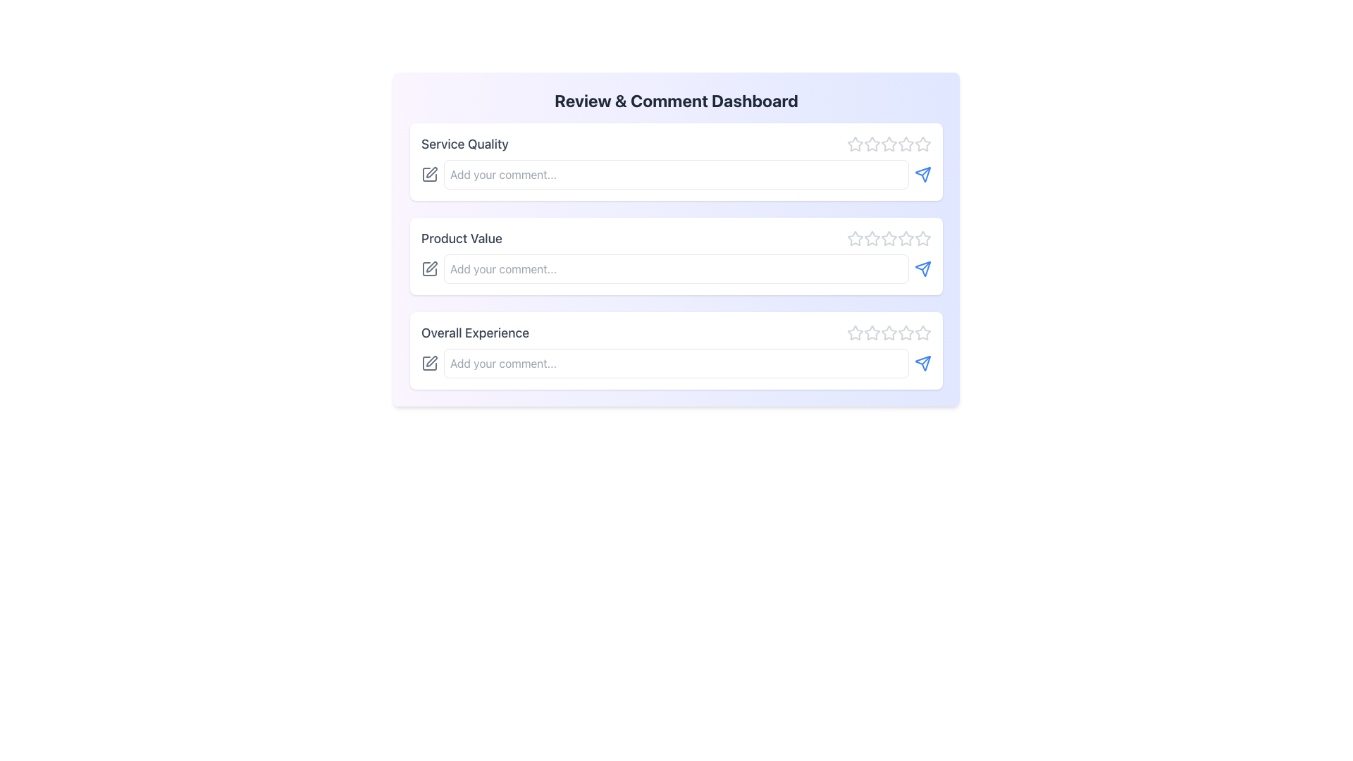  What do you see at coordinates (906, 333) in the screenshot?
I see `the fifth star in the rating system` at bounding box center [906, 333].